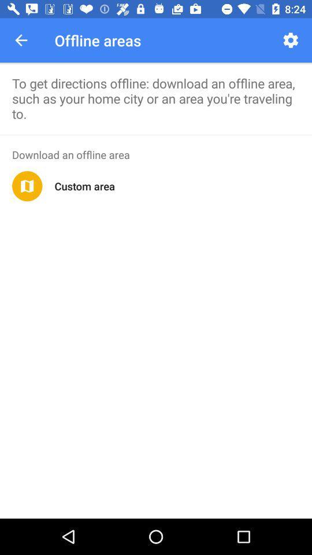 The image size is (312, 555). What do you see at coordinates (156, 98) in the screenshot?
I see `the to get directions app` at bounding box center [156, 98].